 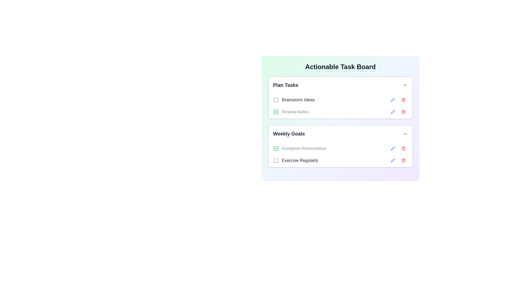 I want to click on the Checkbox-like icon located to the left of the 'Brainstorm Ideas' text, so click(x=276, y=100).